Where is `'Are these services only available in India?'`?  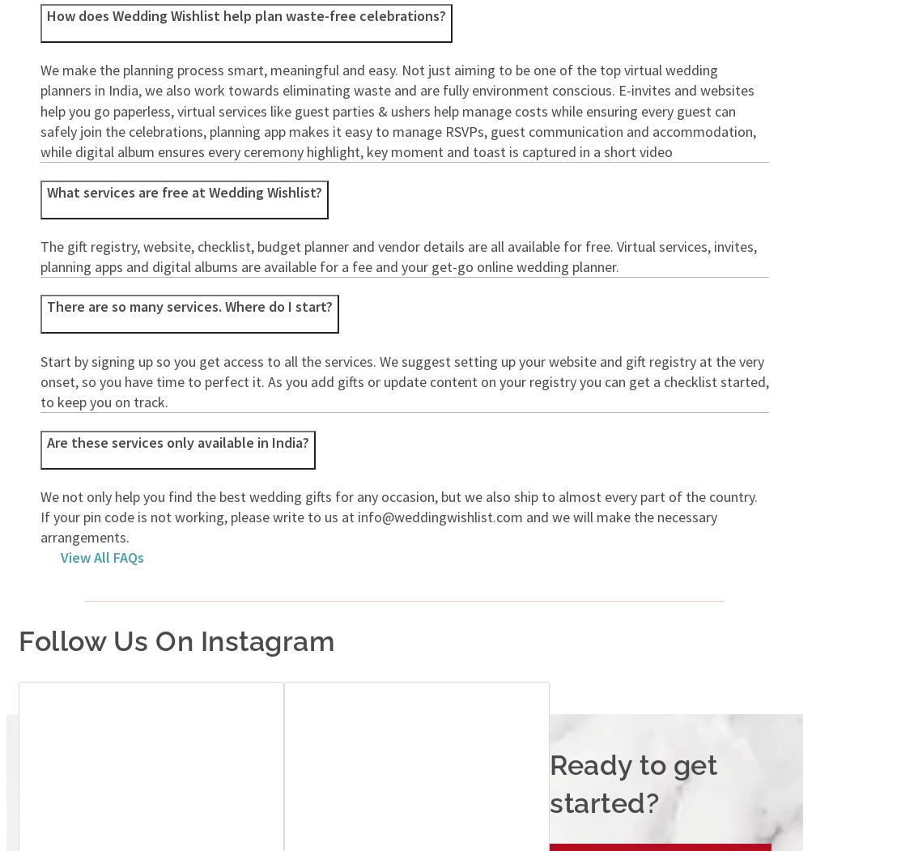
'Are these services only available in India?' is located at coordinates (178, 440).